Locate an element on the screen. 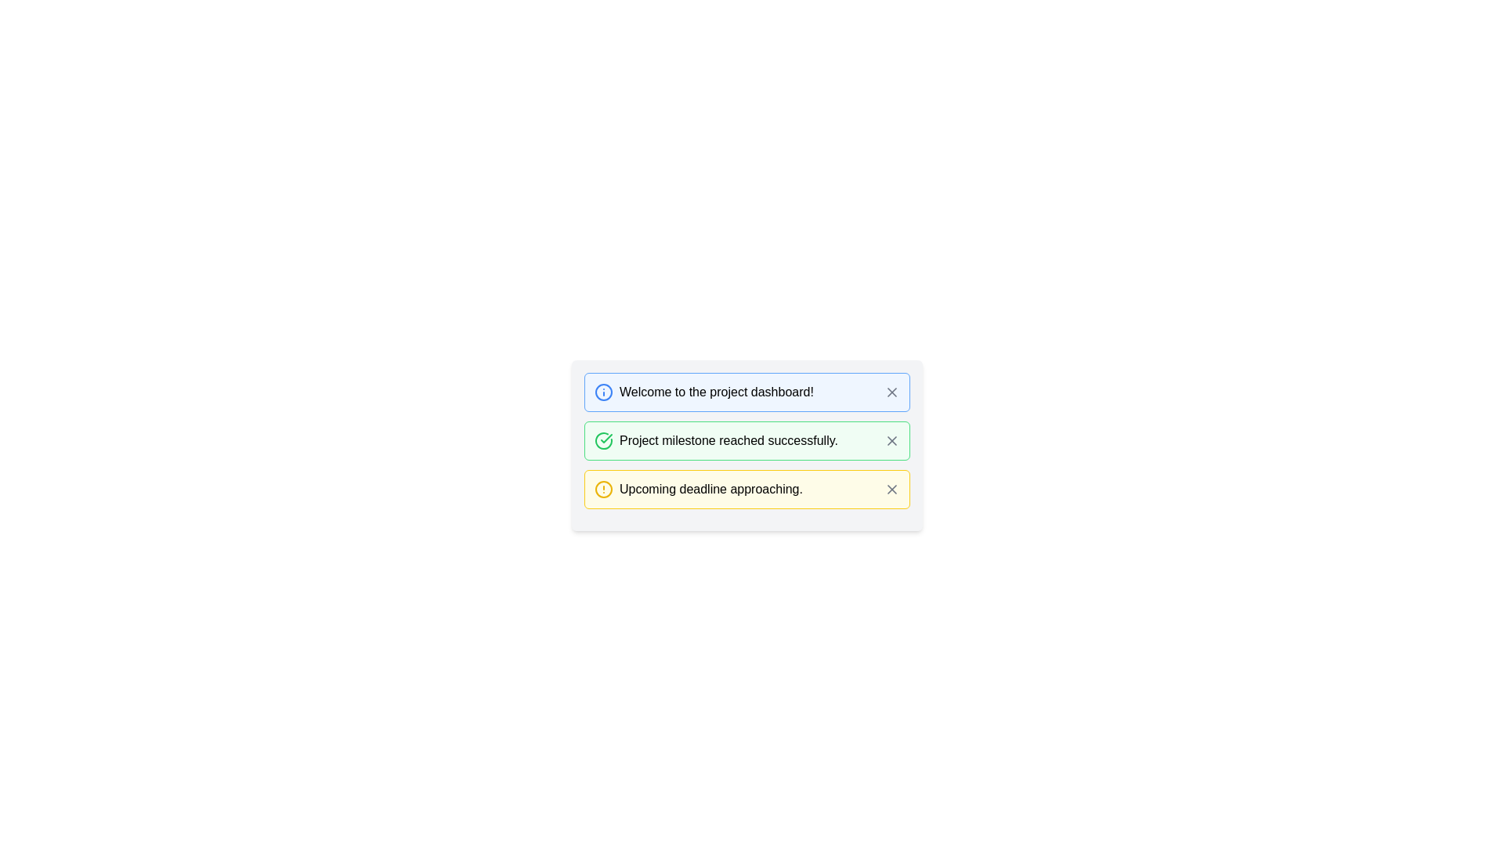 The height and width of the screenshot is (846, 1504). the text label with a yellow warning icon that indicates 'Upcoming deadline approaching', located in the third card of the notification series is located at coordinates (698, 488).